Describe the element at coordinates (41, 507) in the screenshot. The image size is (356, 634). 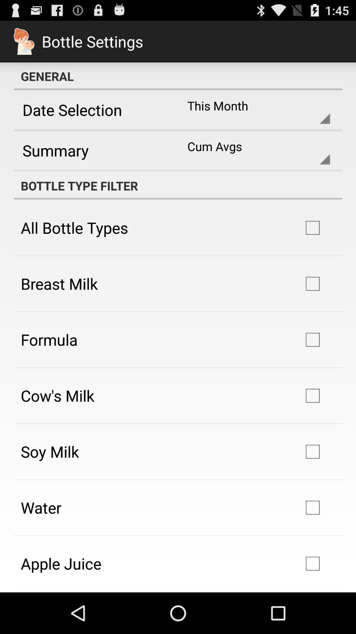
I see `the water icon` at that location.